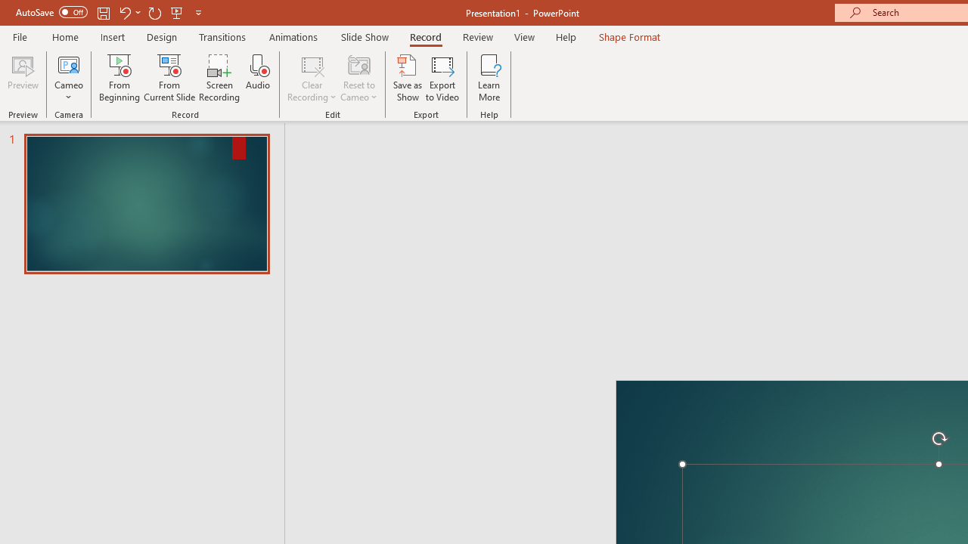 This screenshot has width=968, height=544. I want to click on 'Reset to Cameo', so click(358, 78).